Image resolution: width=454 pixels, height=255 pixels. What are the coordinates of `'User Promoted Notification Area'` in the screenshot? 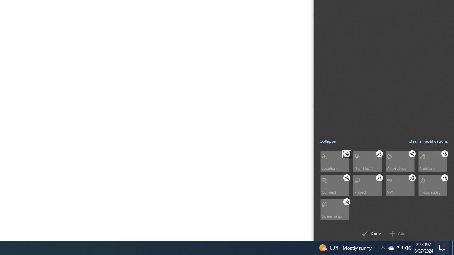 It's located at (400, 247).